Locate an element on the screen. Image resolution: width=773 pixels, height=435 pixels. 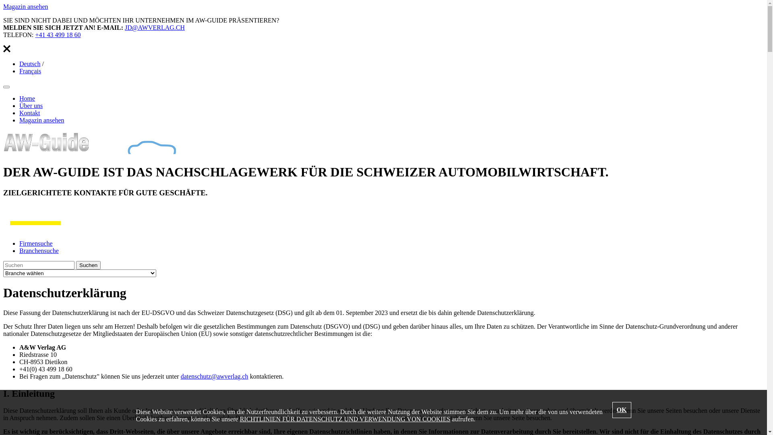
'Home' is located at coordinates (27, 98).